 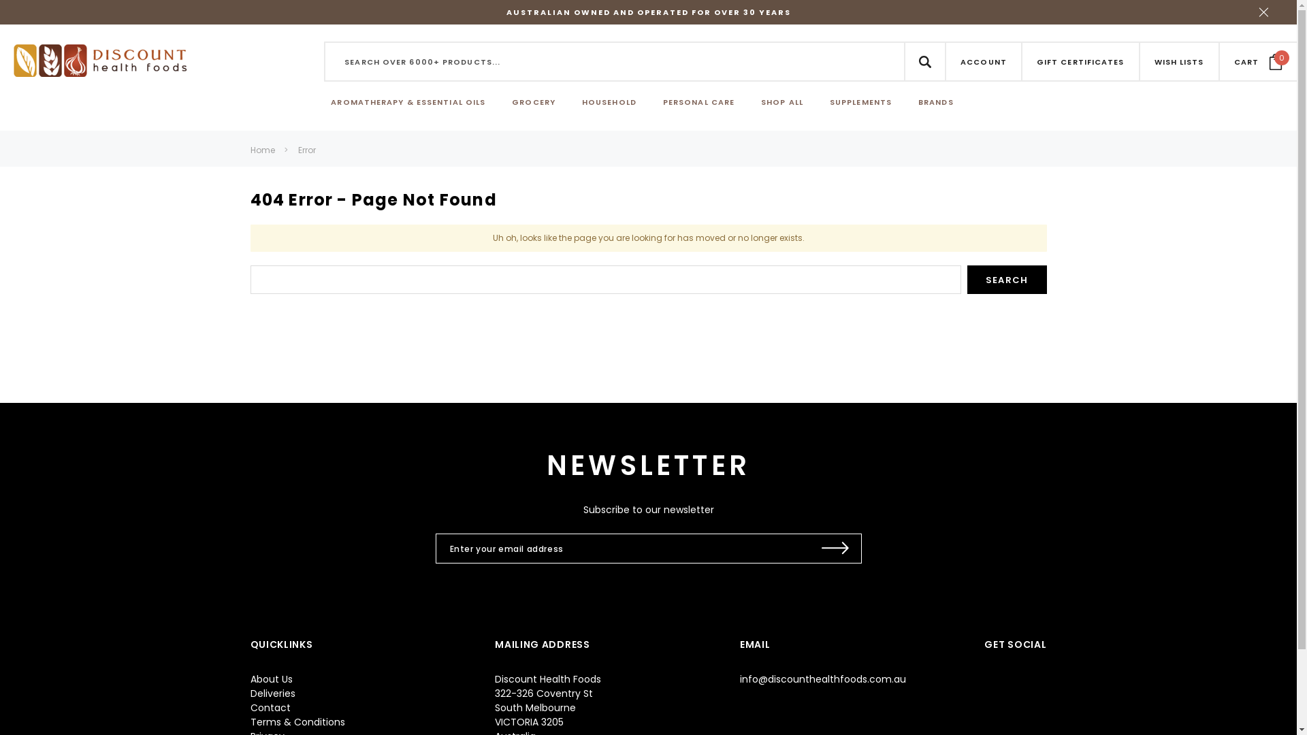 I want to click on 'PERSONAL CARE', so click(x=698, y=101).